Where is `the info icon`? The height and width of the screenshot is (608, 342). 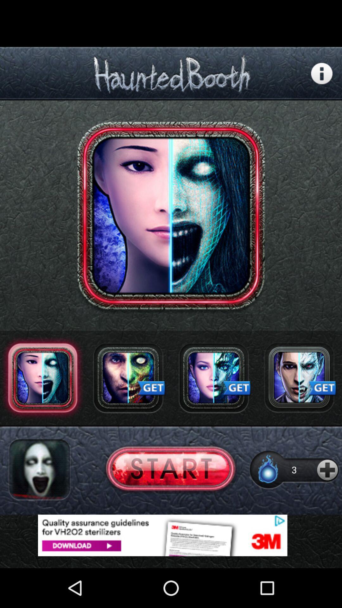
the info icon is located at coordinates (322, 78).